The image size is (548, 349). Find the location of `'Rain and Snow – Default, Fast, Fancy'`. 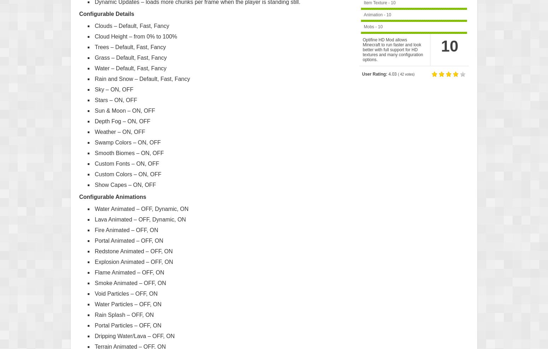

'Rain and Snow – Default, Fast, Fancy' is located at coordinates (142, 78).